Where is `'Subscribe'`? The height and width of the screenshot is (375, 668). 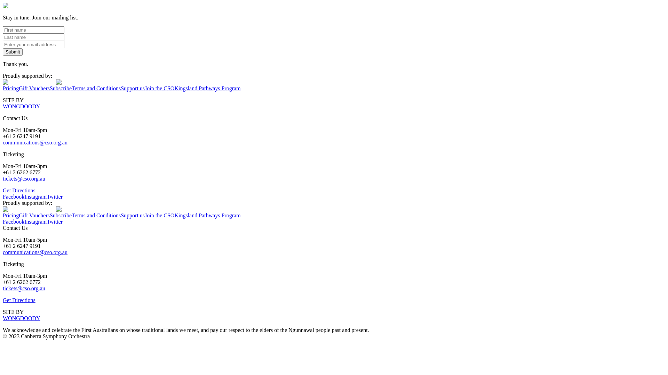
'Subscribe' is located at coordinates (61, 215).